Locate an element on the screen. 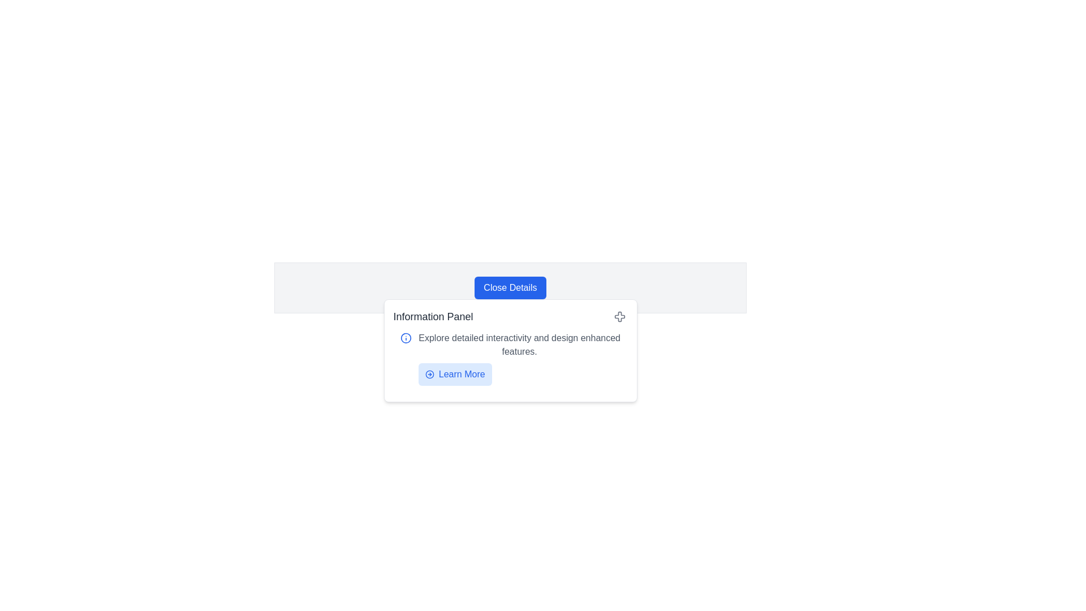 The width and height of the screenshot is (1086, 611). the close button located at the top center of the details panel is located at coordinates (510, 287).